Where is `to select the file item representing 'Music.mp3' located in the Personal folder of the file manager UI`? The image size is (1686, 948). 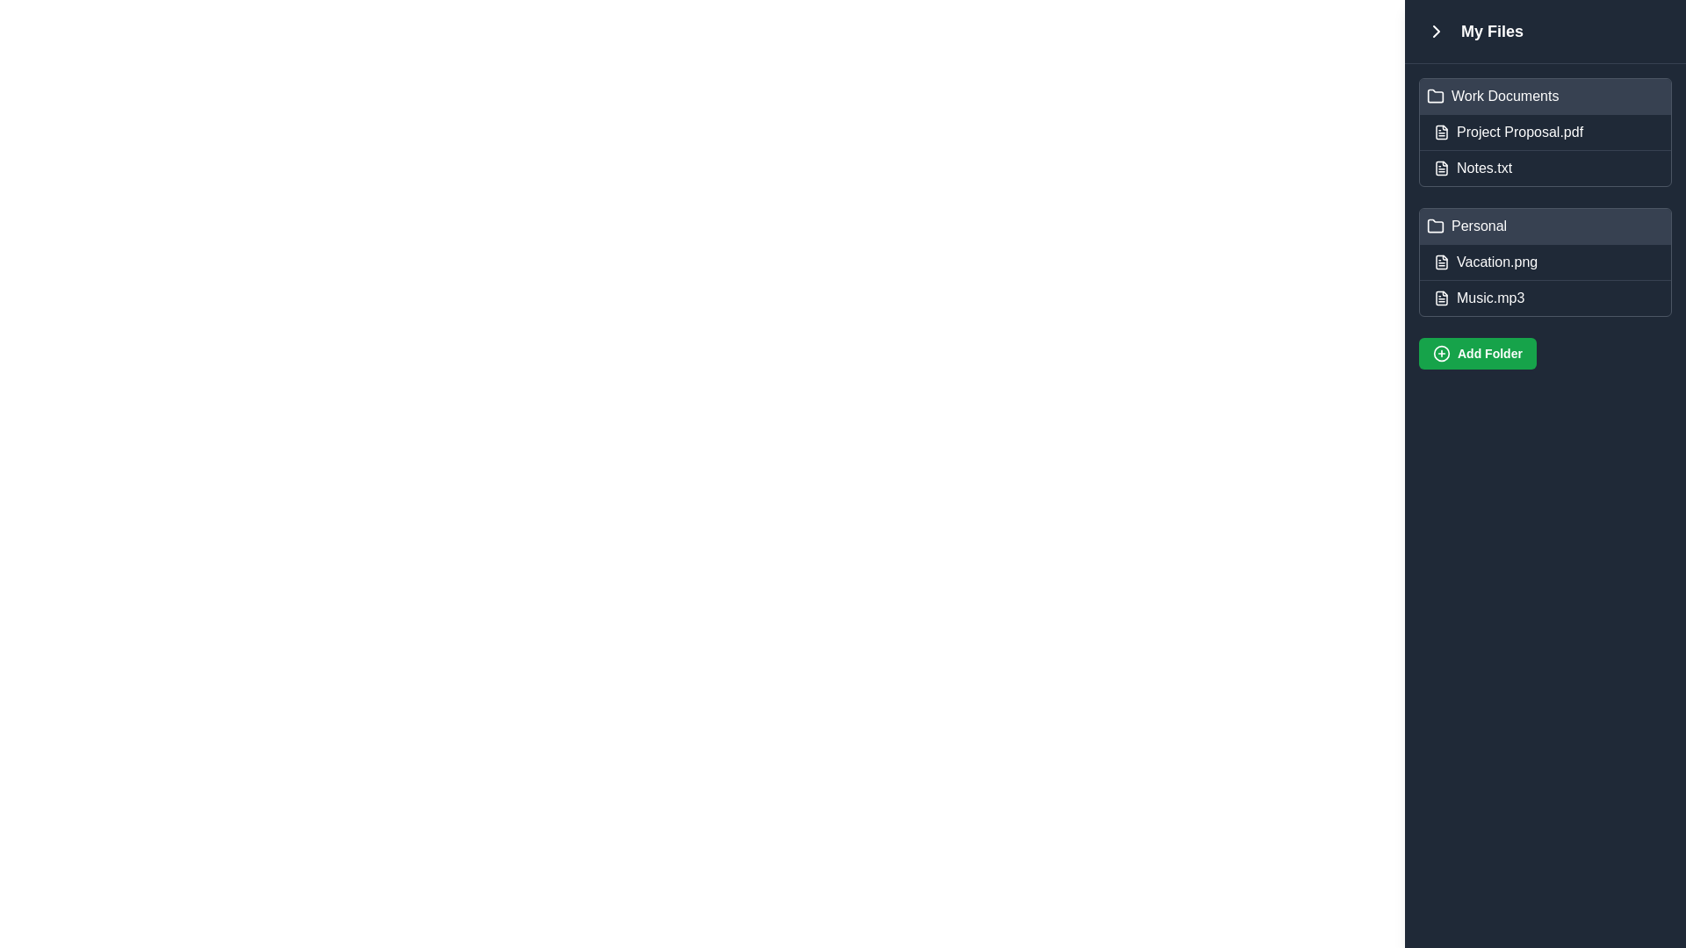 to select the file item representing 'Music.mp3' located in the Personal folder of the file manager UI is located at coordinates (1545, 297).